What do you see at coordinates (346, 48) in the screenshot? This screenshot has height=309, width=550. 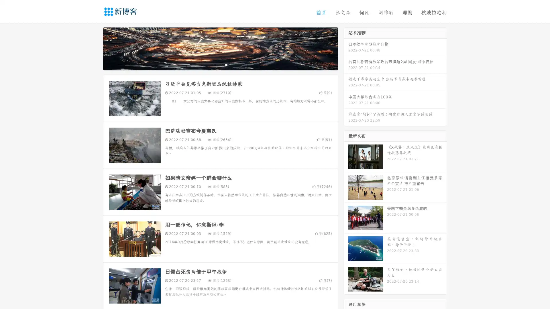 I see `Next slide` at bounding box center [346, 48].